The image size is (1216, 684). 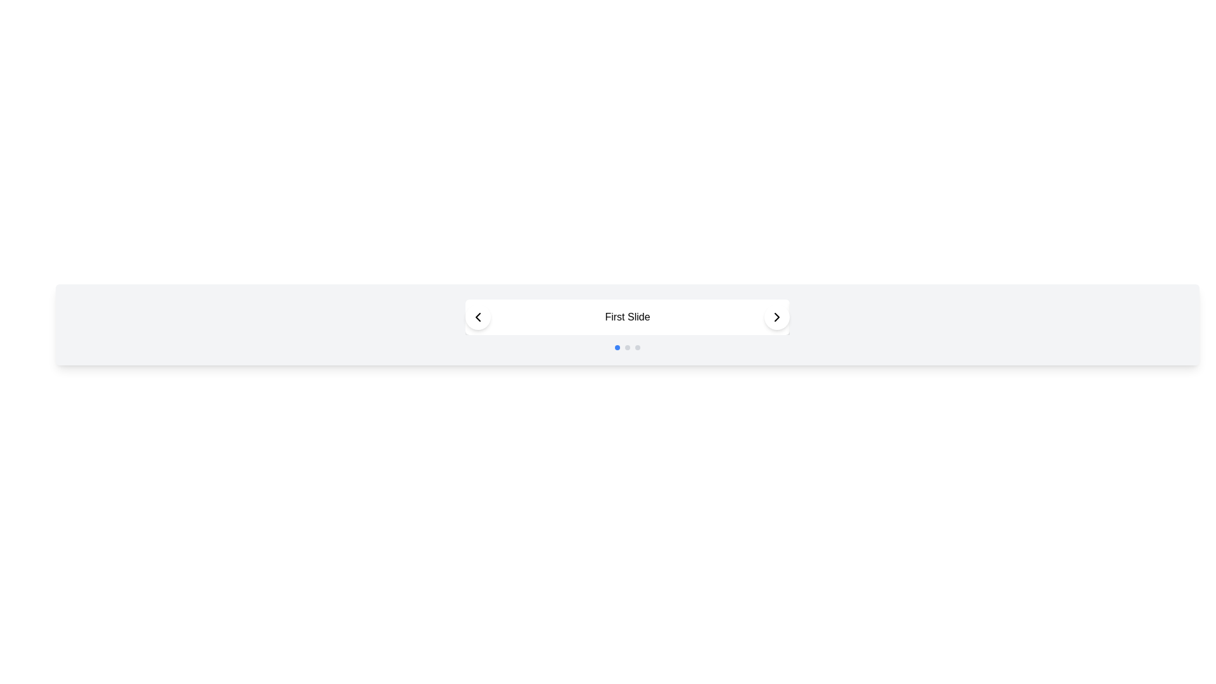 I want to click on the Chevron Right icon, which serves as an indicator for moving to the next slide, located, so click(x=776, y=317).